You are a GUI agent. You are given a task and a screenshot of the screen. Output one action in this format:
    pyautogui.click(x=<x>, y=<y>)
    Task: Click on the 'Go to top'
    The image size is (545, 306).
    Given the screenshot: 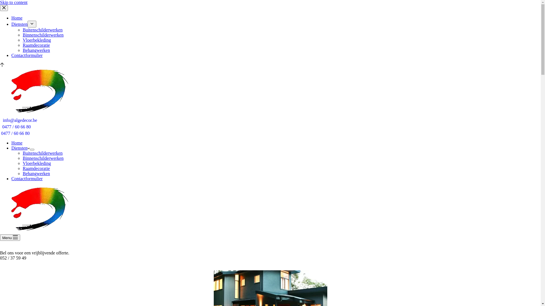 What is the action you would take?
    pyautogui.click(x=2, y=65)
    